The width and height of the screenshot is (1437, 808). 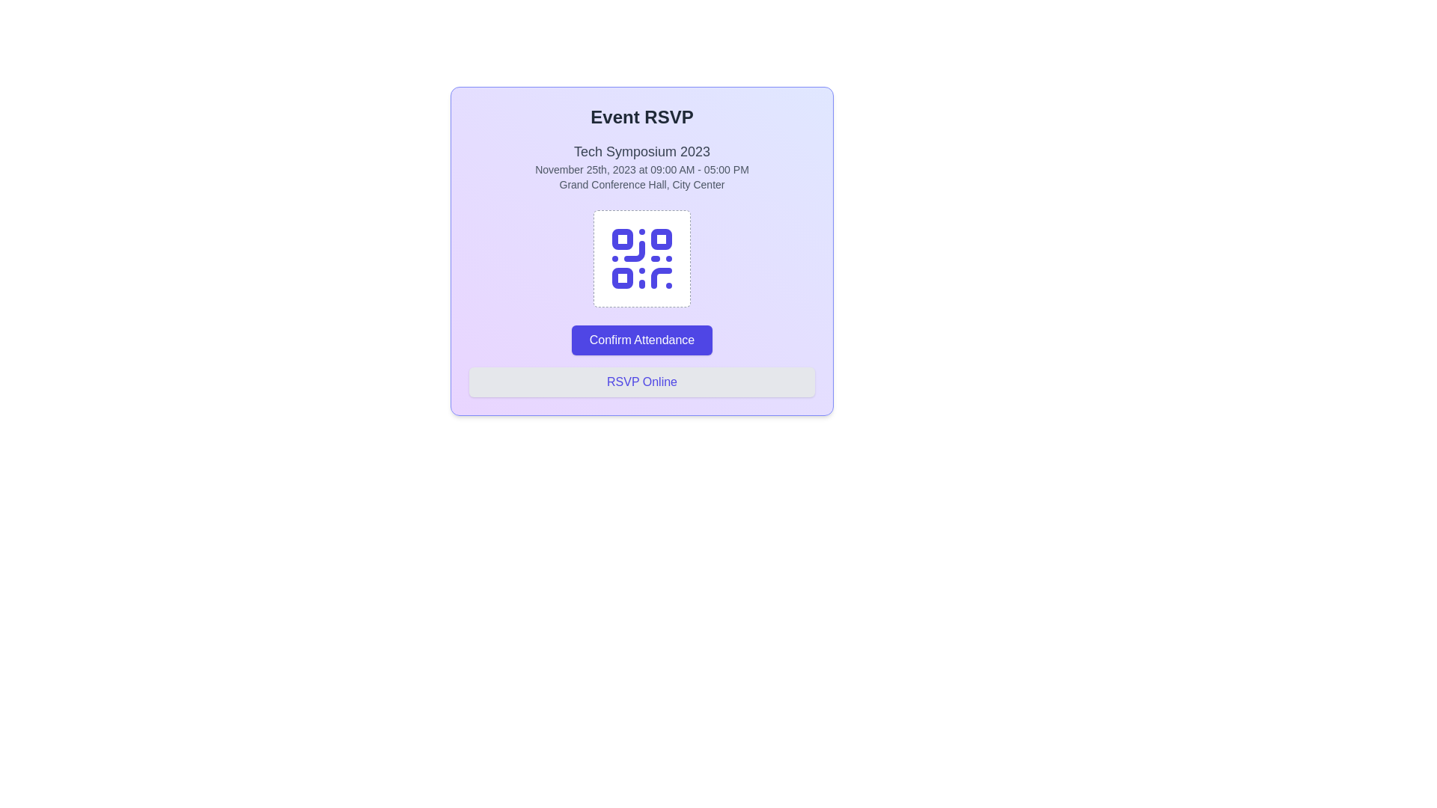 What do you see at coordinates (642, 152) in the screenshot?
I see `the text label displaying 'Tech Symposium 2023', which is prominently positioned at the top of the RSVP card with a light purple background` at bounding box center [642, 152].